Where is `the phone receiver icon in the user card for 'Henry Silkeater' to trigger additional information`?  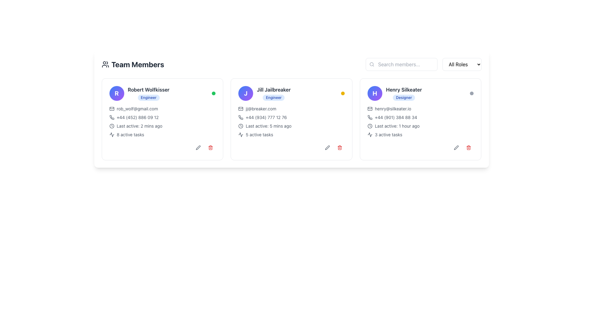
the phone receiver icon in the user card for 'Henry Silkeater' to trigger additional information is located at coordinates (370, 117).